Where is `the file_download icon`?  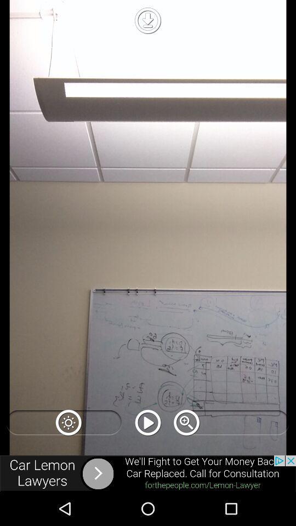
the file_download icon is located at coordinates (147, 20).